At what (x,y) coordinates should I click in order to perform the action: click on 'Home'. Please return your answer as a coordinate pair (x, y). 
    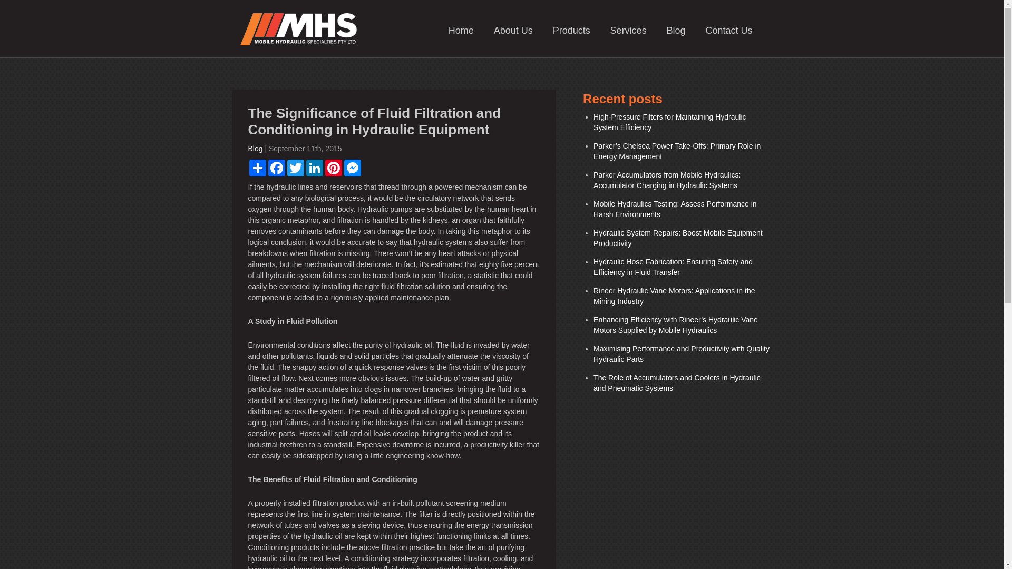
    Looking at the image, I should click on (461, 30).